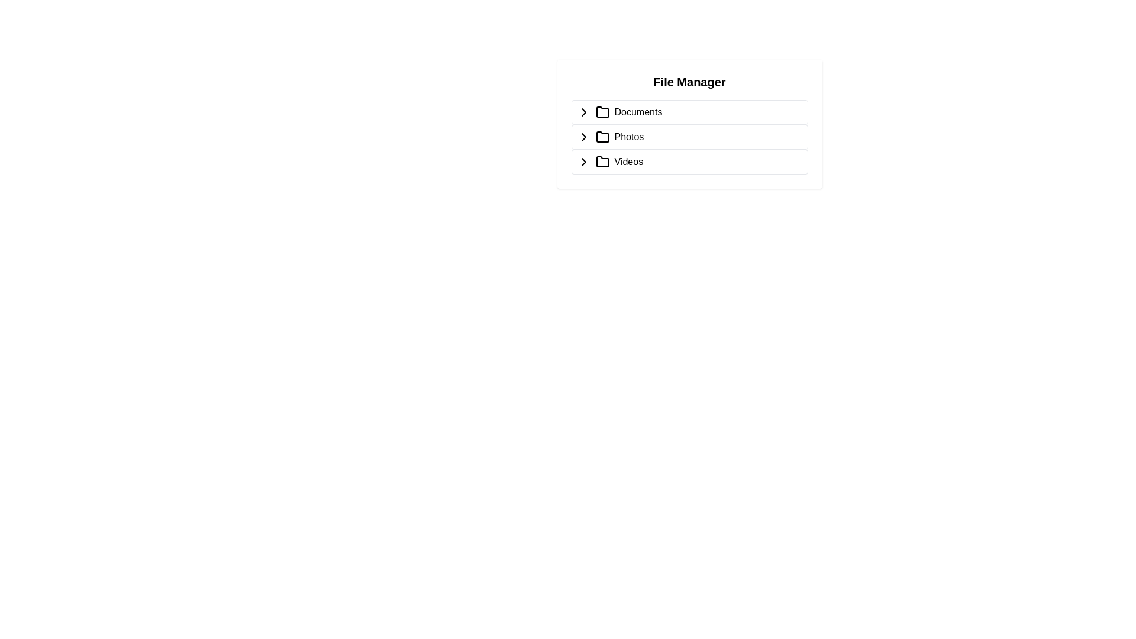 The width and height of the screenshot is (1136, 639). Describe the element at coordinates (602, 136) in the screenshot. I see `the folder icon representing the 'Photos' directory in the file manager, which is the second icon from the top and located directly to the left of the 'Photos' label` at that location.